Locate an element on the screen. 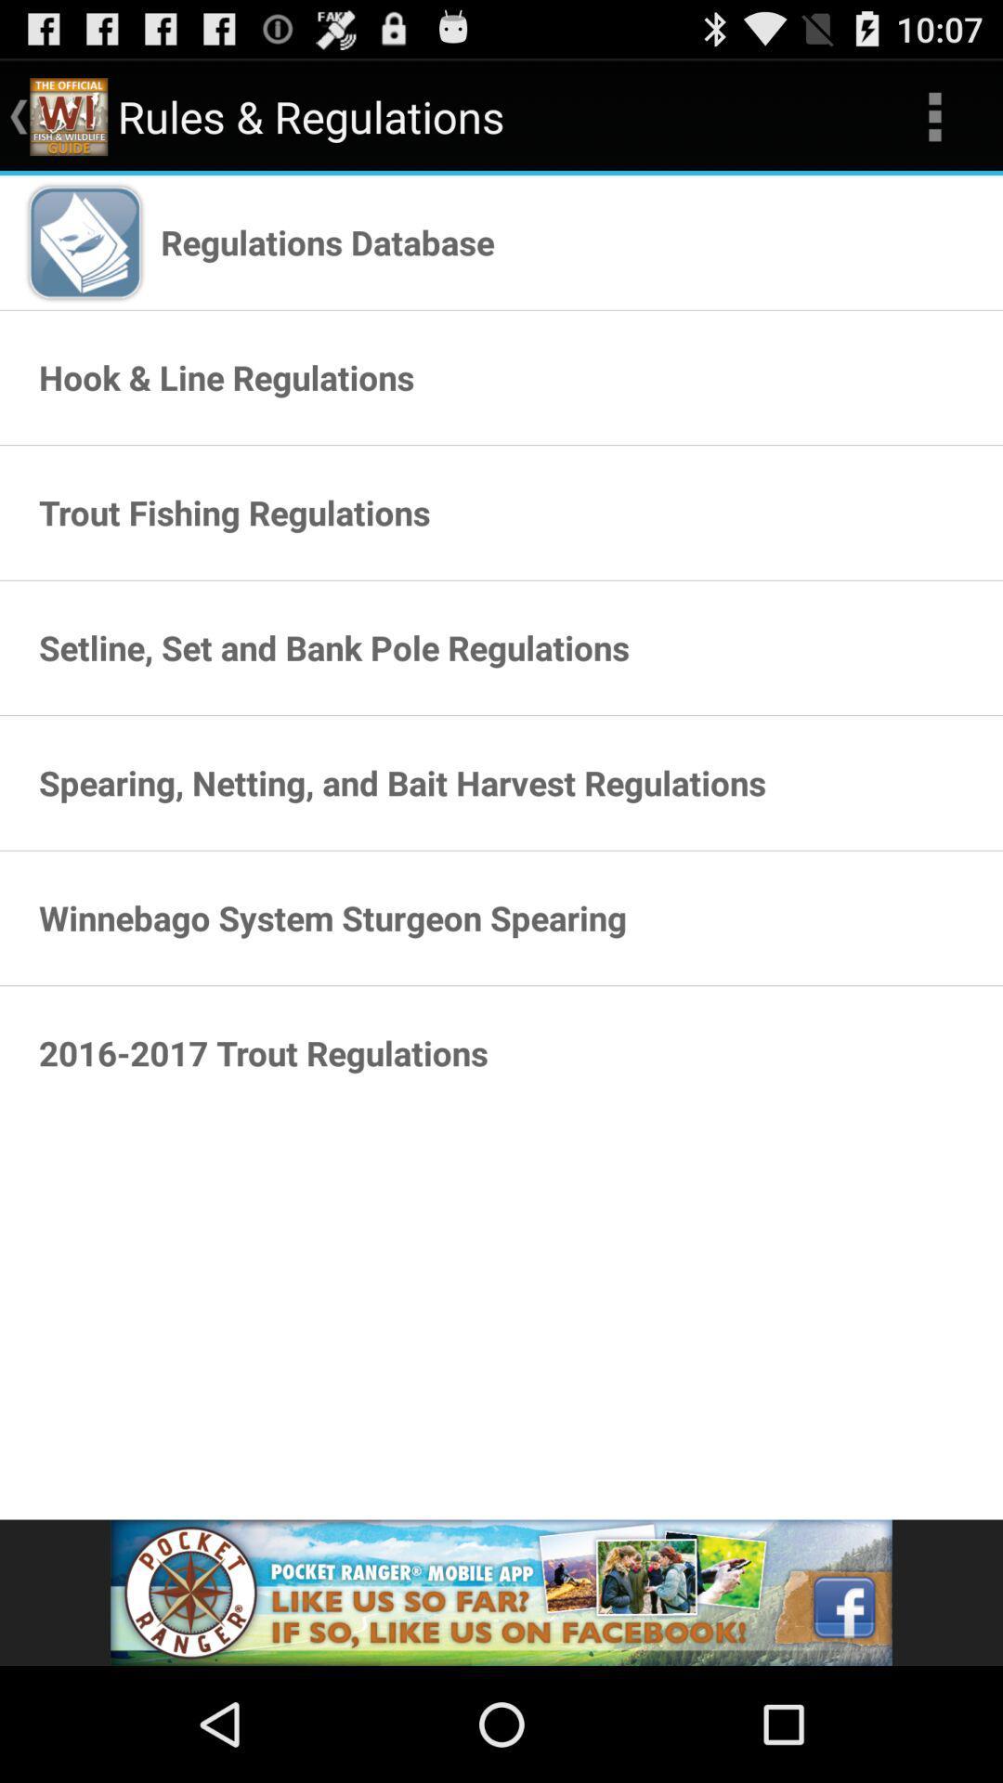 The image size is (1003, 1783). mini image which is on the left of rules  regulations is located at coordinates (67, 115).